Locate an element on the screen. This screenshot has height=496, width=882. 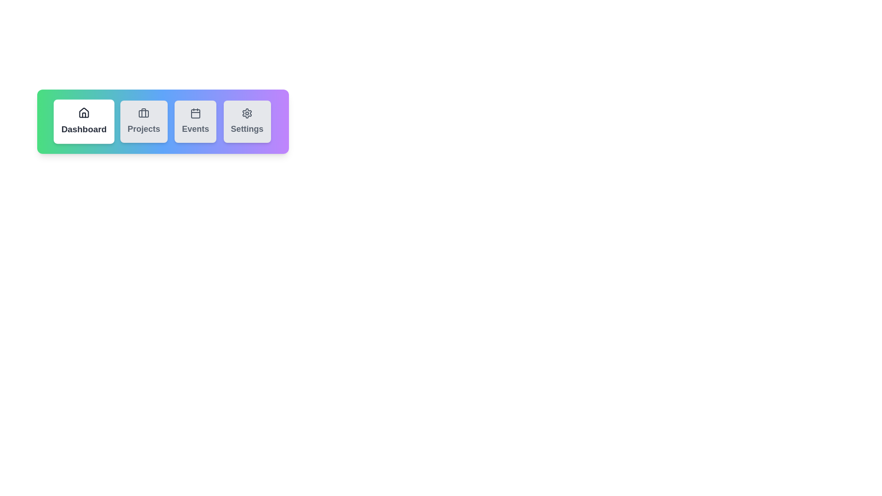
the Settings tab to preview its hover effect is located at coordinates (247, 121).